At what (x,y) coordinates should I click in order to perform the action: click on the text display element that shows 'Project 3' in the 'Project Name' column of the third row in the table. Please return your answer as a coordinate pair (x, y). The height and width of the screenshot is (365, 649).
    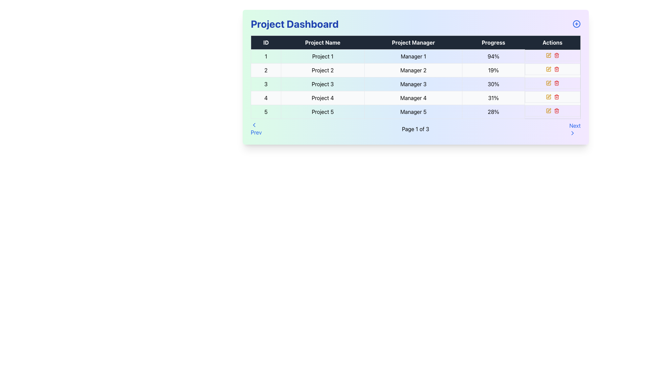
    Looking at the image, I should click on (322, 84).